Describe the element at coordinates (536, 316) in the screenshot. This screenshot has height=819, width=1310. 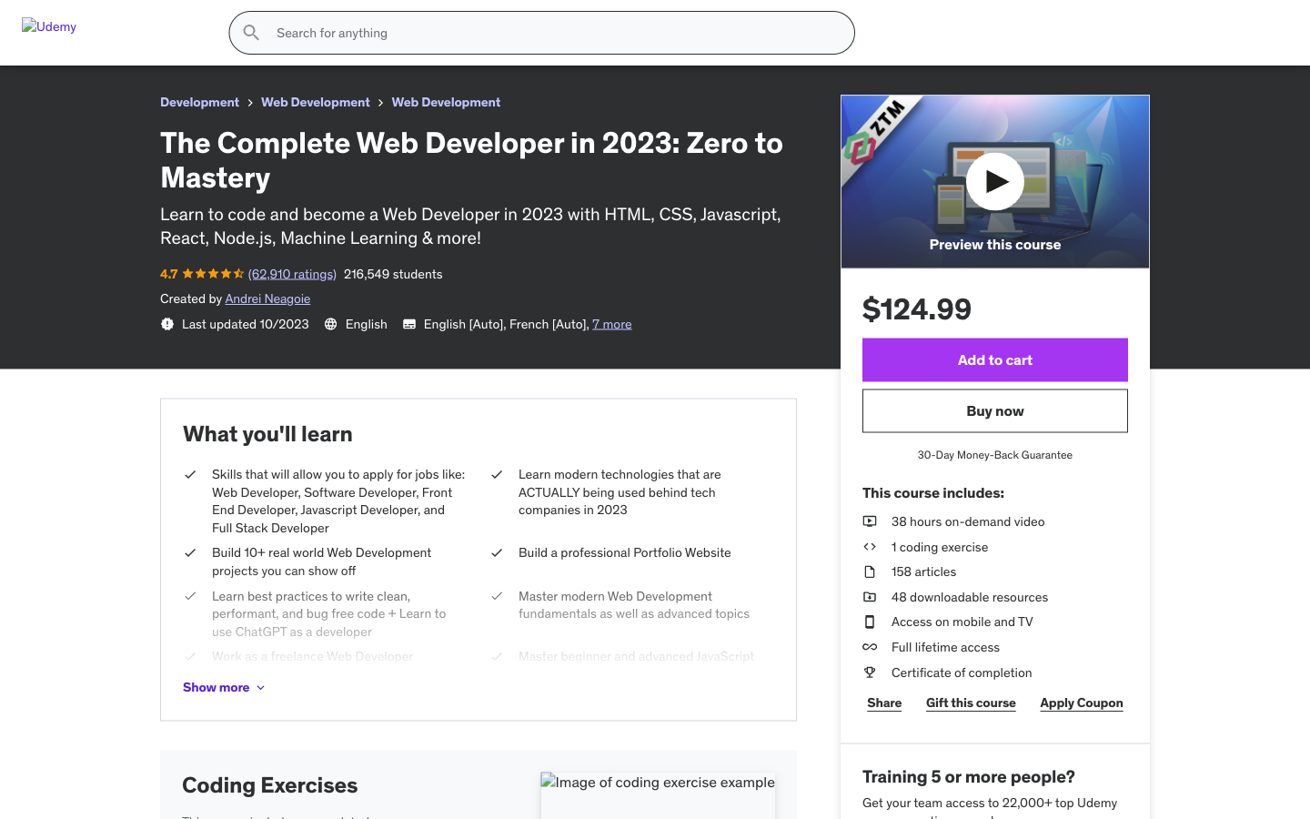
I see `In the tracking area, remove the last character of the tracking ID` at that location.